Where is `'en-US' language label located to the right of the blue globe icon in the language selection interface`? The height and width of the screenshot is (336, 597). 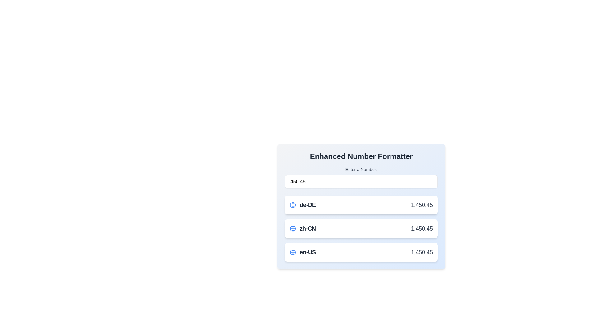
'en-US' language label located to the right of the blue globe icon in the language selection interface is located at coordinates (308, 252).